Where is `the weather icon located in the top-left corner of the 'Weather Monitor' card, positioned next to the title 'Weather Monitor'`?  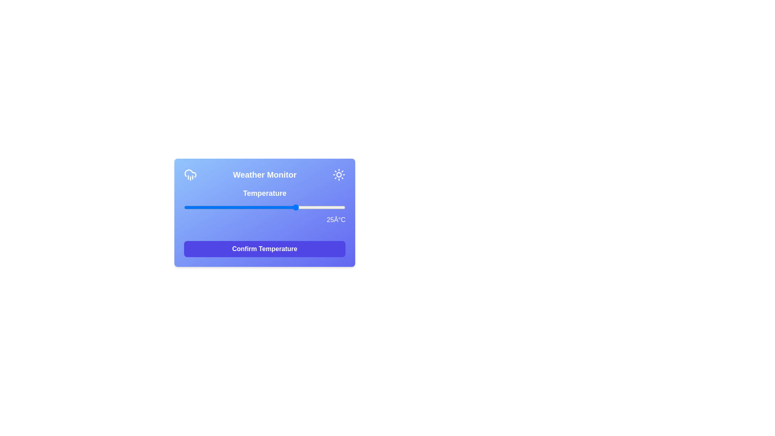
the weather icon located in the top-left corner of the 'Weather Monitor' card, positioned next to the title 'Weather Monitor' is located at coordinates (190, 174).